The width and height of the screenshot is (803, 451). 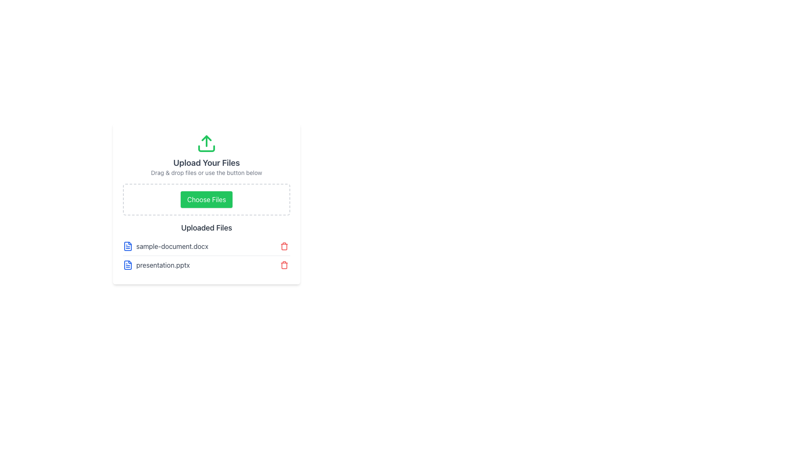 I want to click on the text label displaying 'sample-document.docx' in gray color, located between a blue file icon and a red delete icon in the 'Uploaded Files' section, so click(x=172, y=246).